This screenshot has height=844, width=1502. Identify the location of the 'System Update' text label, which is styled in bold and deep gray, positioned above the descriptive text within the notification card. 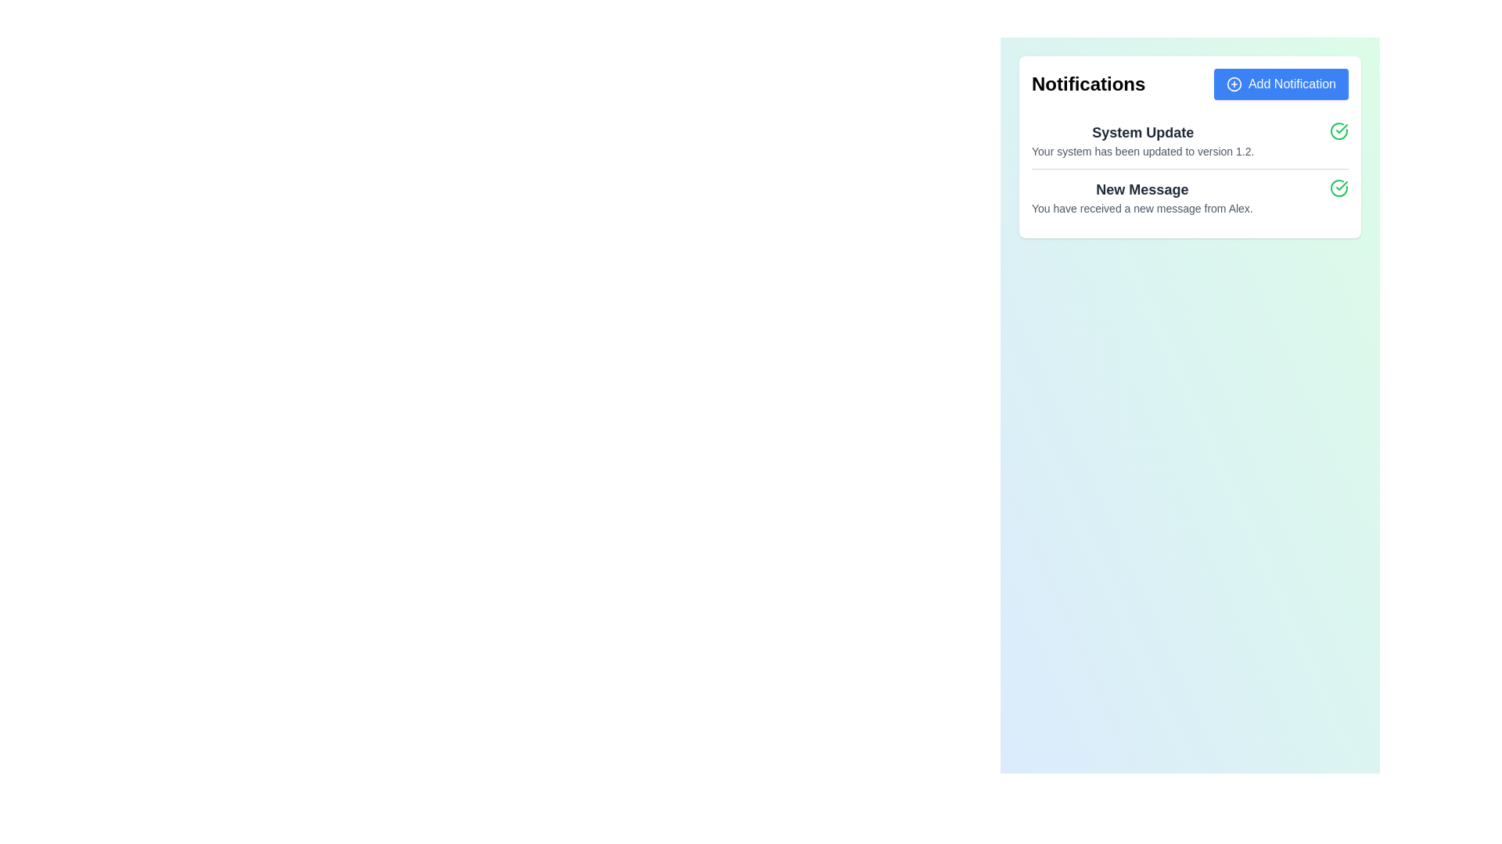
(1143, 131).